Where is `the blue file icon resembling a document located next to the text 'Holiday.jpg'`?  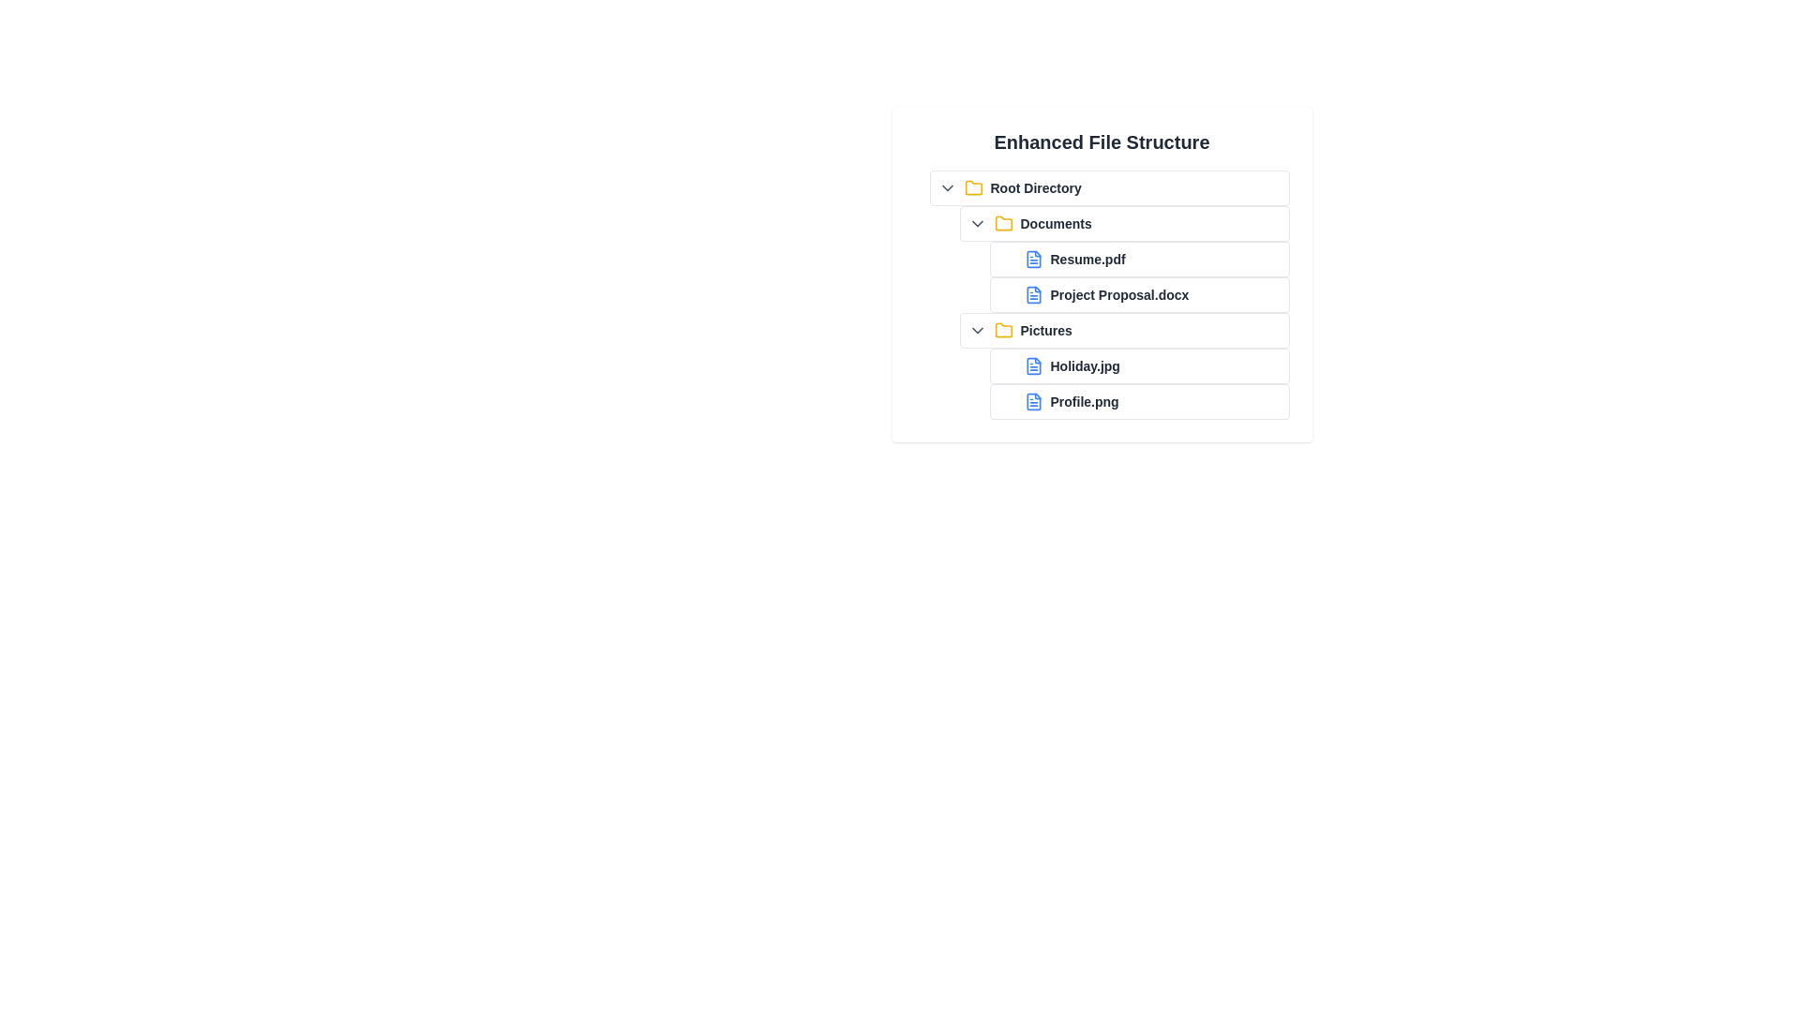
the blue file icon resembling a document located next to the text 'Holiday.jpg' is located at coordinates (1032, 365).